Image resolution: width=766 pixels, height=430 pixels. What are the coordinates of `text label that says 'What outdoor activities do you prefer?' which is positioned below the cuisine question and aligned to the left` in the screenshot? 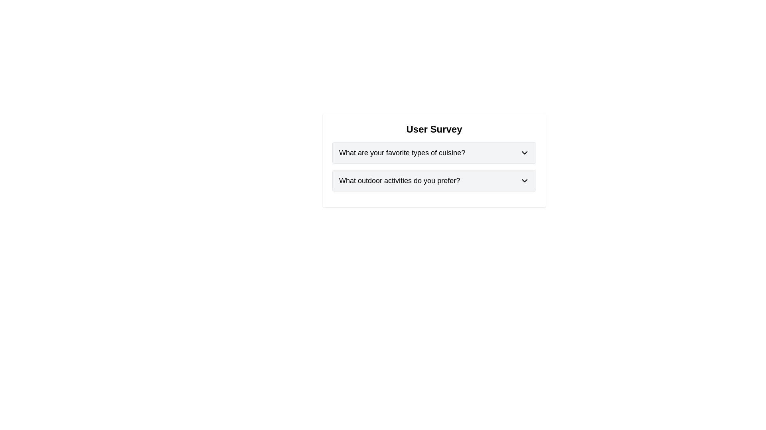 It's located at (399, 181).